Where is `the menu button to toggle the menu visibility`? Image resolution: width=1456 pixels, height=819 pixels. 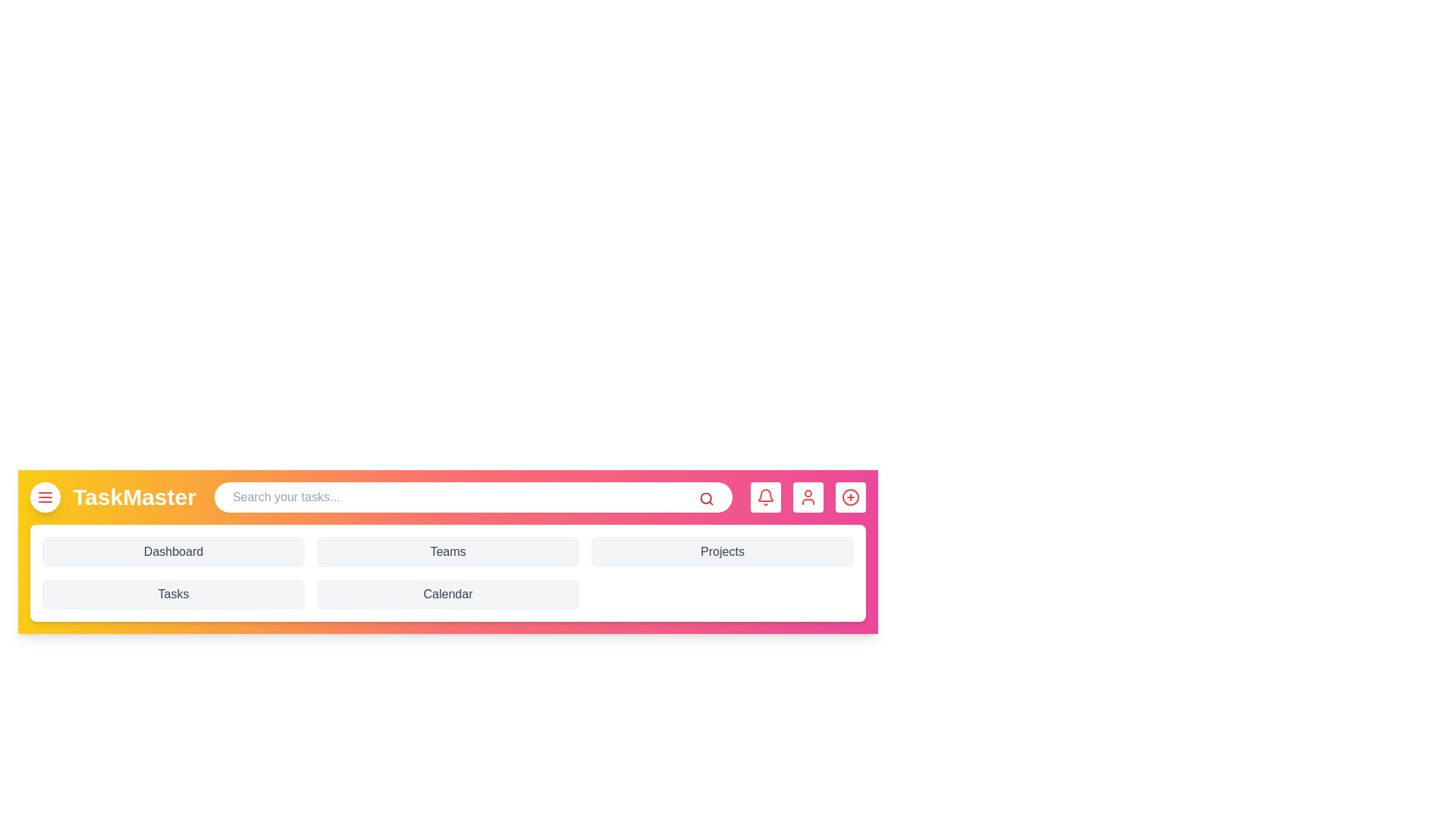
the menu button to toggle the menu visibility is located at coordinates (45, 497).